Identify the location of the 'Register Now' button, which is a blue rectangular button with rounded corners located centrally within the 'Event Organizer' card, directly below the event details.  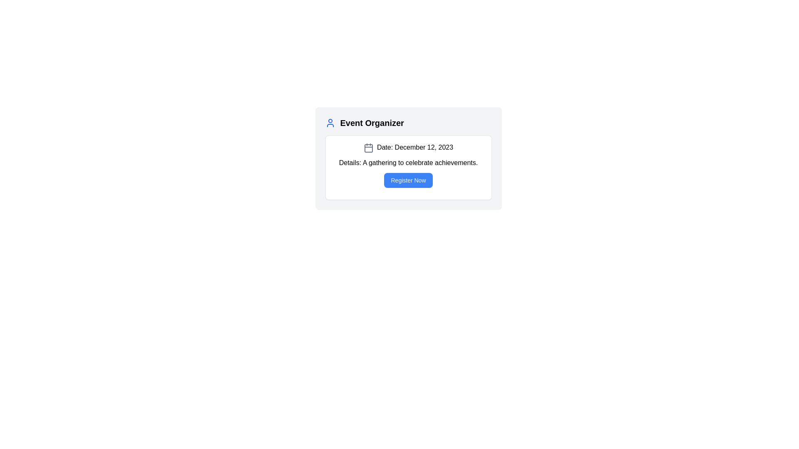
(408, 180).